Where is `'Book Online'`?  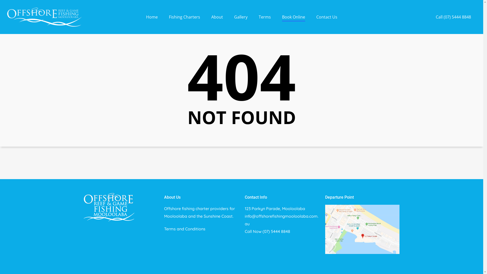 'Book Online' is located at coordinates (293, 20).